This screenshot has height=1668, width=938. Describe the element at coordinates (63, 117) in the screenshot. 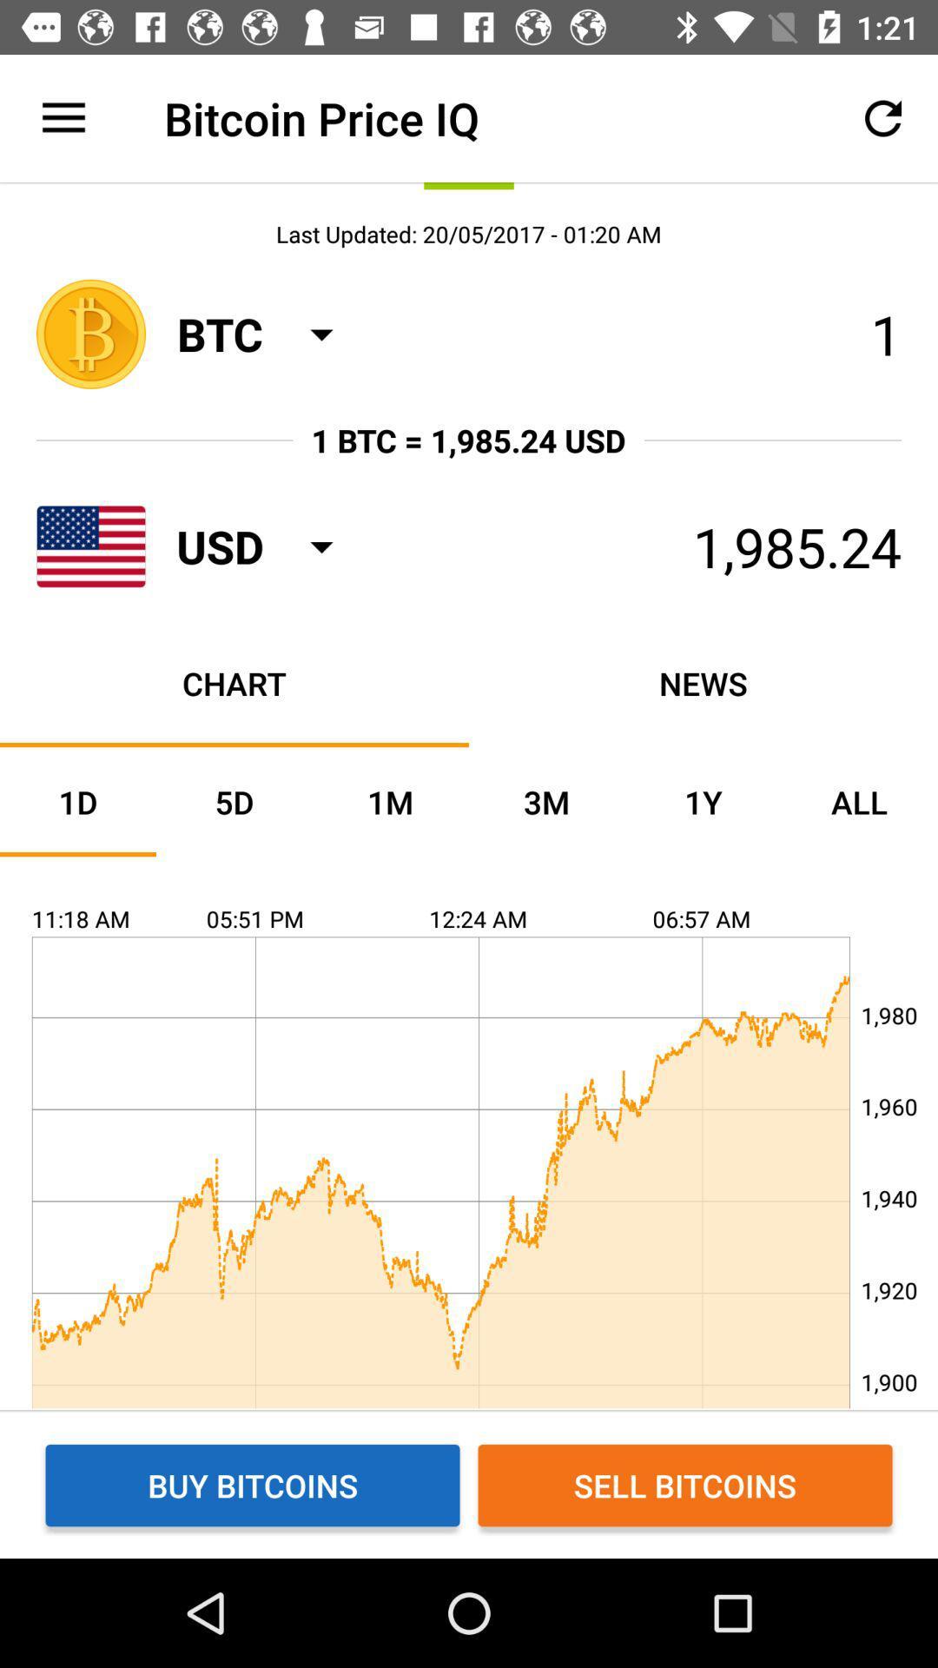

I see `icon next to the bitcoin price iq` at that location.